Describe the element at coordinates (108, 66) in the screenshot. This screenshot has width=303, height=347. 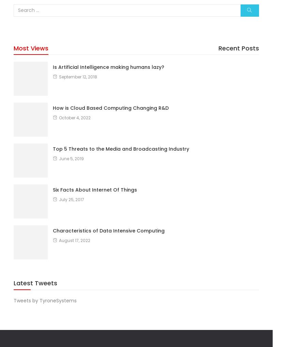
I see `'Is Artificial Intelligence making humans lazy?'` at that location.